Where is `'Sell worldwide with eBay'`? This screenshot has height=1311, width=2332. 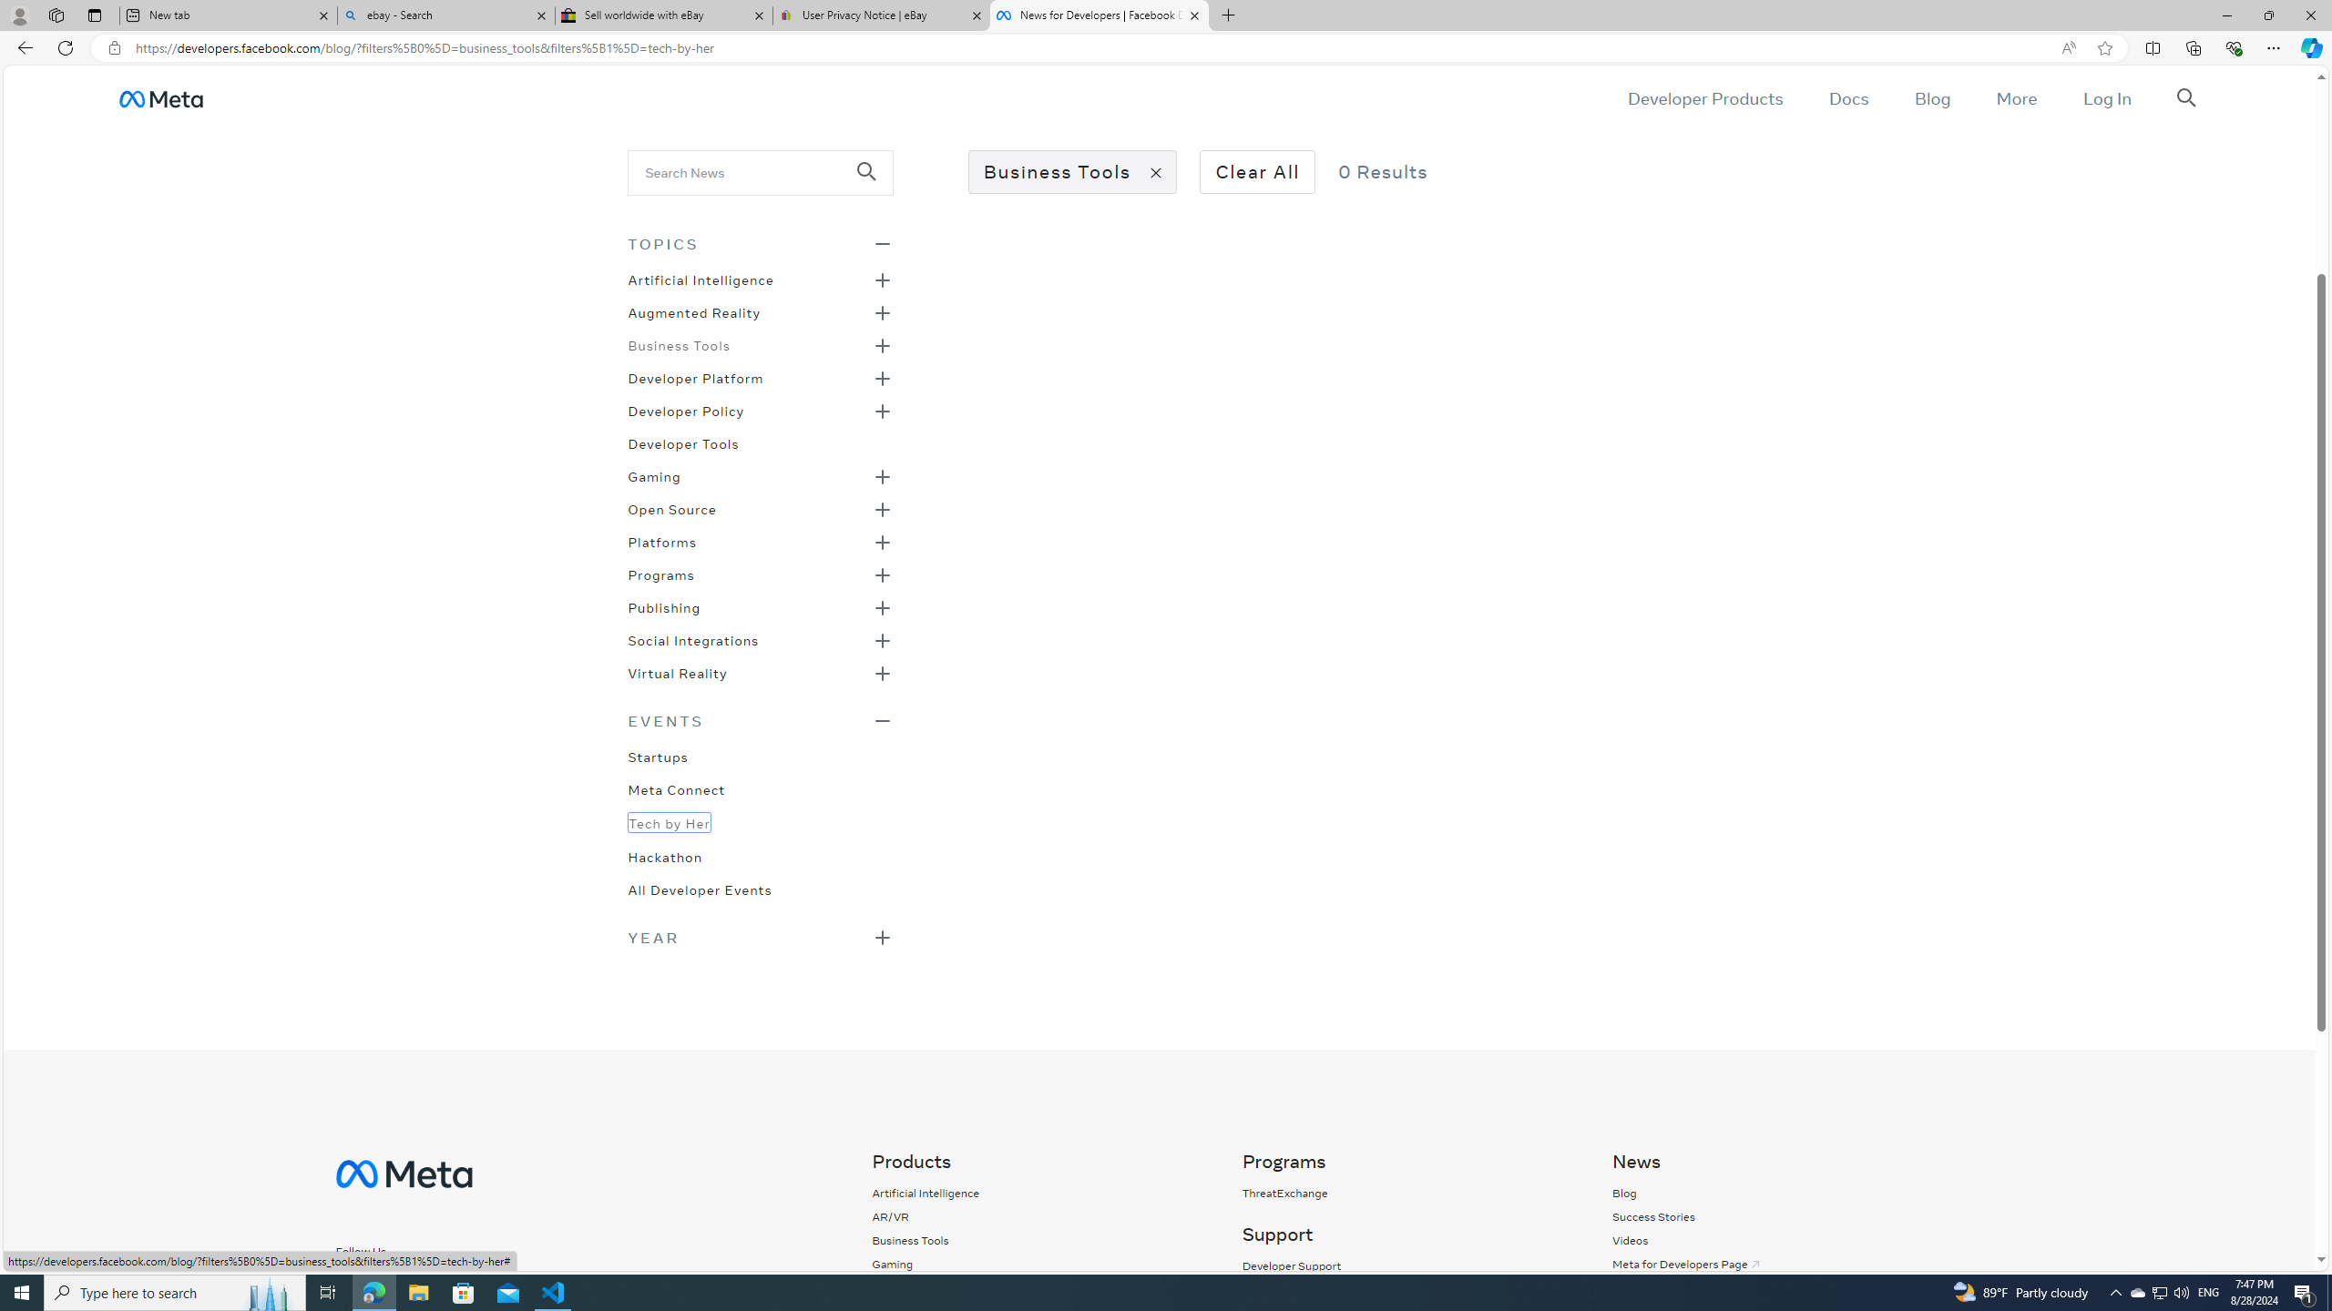
'Sell worldwide with eBay' is located at coordinates (664, 15).